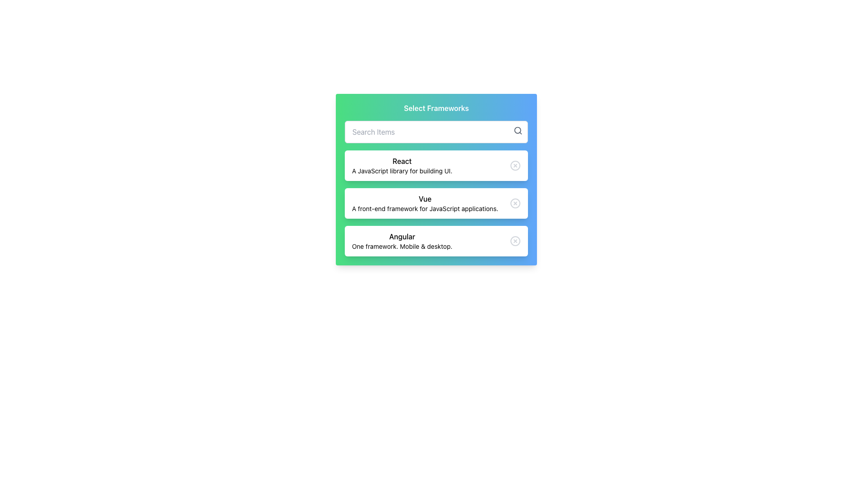 The height and width of the screenshot is (485, 862). What do you see at coordinates (401, 160) in the screenshot?
I see `the Text label that serves as the title header for the React framework section, which displays 'React'` at bounding box center [401, 160].